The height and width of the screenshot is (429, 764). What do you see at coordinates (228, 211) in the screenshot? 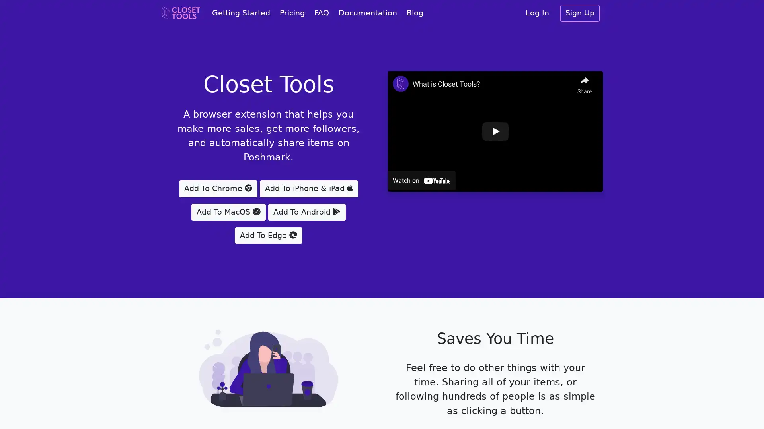
I see `Add To MacOS` at bounding box center [228, 211].